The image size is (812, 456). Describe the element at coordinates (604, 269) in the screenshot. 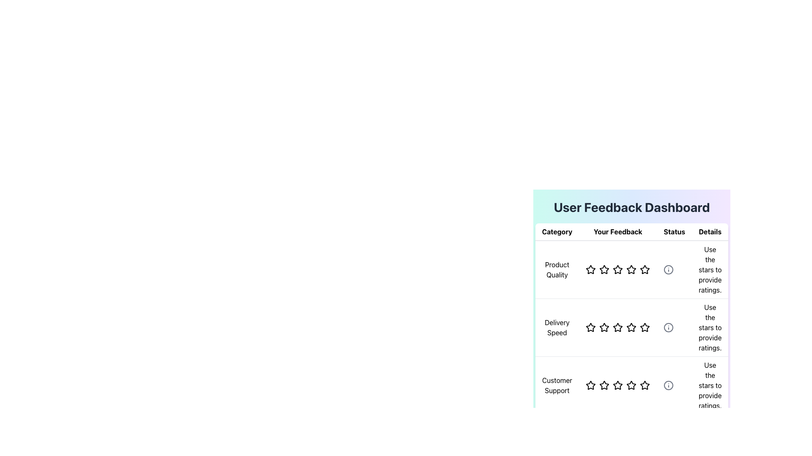

I see `the second star rating icon in the 'Your Feedback' column of the 'User Feedback Dashboard' table to rate 'Product Quality'` at that location.